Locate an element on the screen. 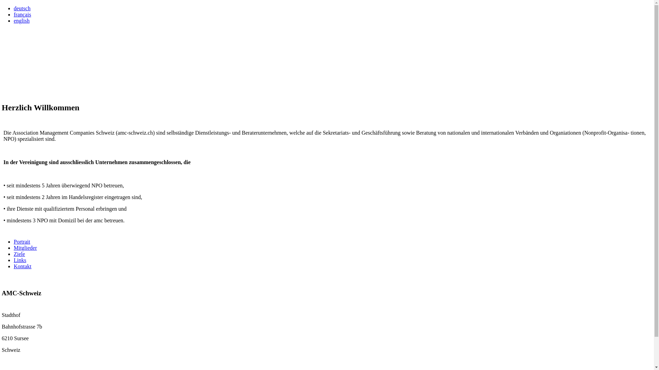  'Links' is located at coordinates (20, 260).